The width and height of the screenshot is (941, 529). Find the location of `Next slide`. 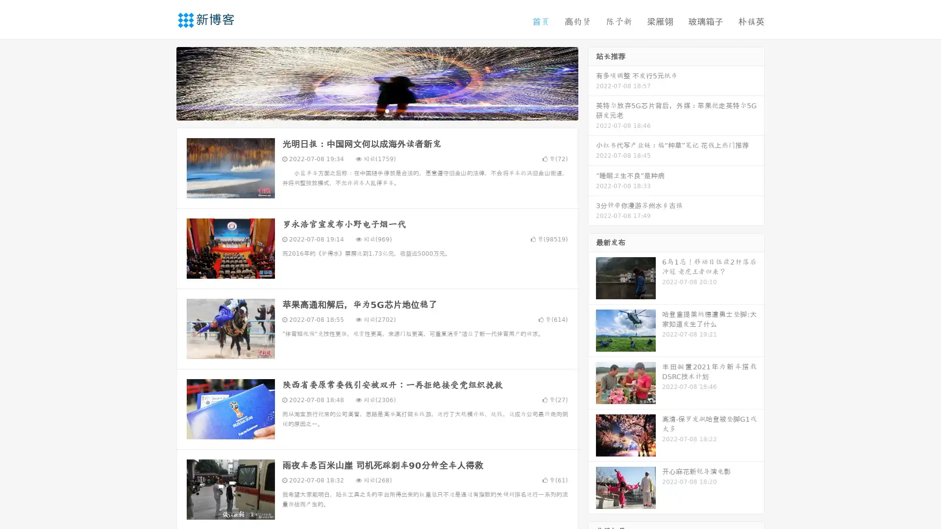

Next slide is located at coordinates (592, 82).